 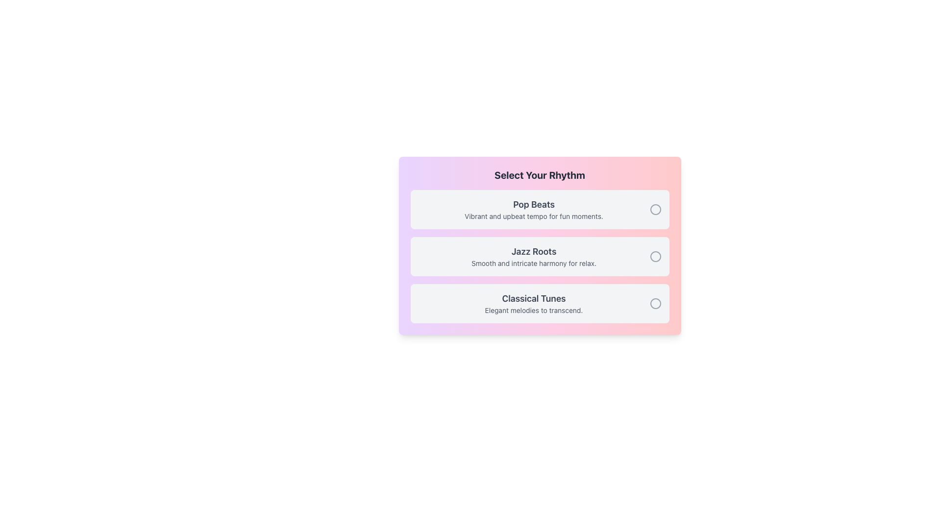 I want to click on the topmost selectable list item for 'Pop Beats' within the 'Select Your Rhythm' section to prepare for interaction, so click(x=539, y=209).